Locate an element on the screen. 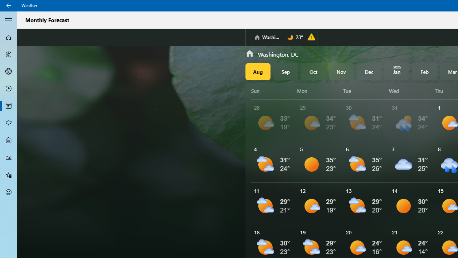  'Back' is located at coordinates (9, 5).